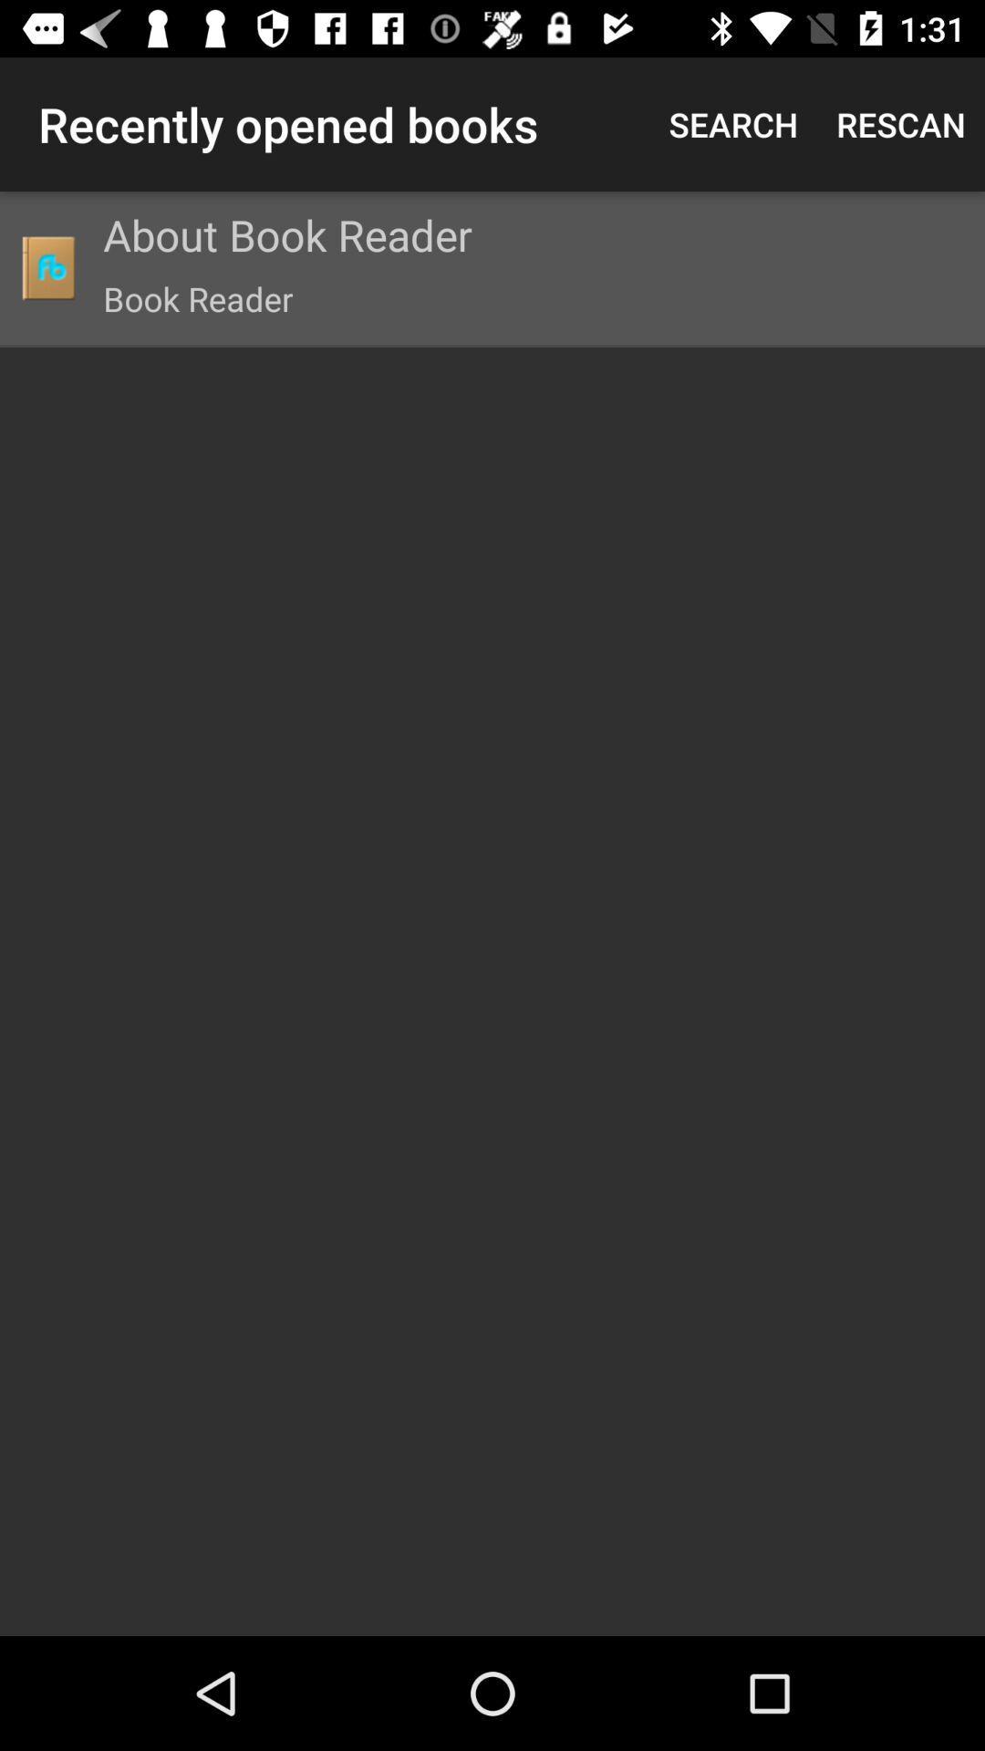 The height and width of the screenshot is (1751, 985). What do you see at coordinates (732, 123) in the screenshot?
I see `search item` at bounding box center [732, 123].